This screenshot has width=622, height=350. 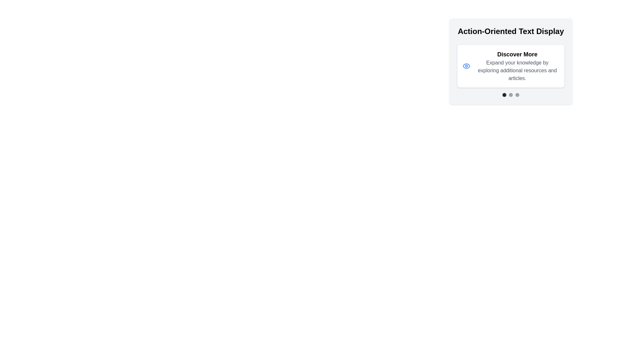 What do you see at coordinates (511, 95) in the screenshot?
I see `the middle navigation indicator dot positioned beneath the 'Action-Oriented Text Display' text block` at bounding box center [511, 95].